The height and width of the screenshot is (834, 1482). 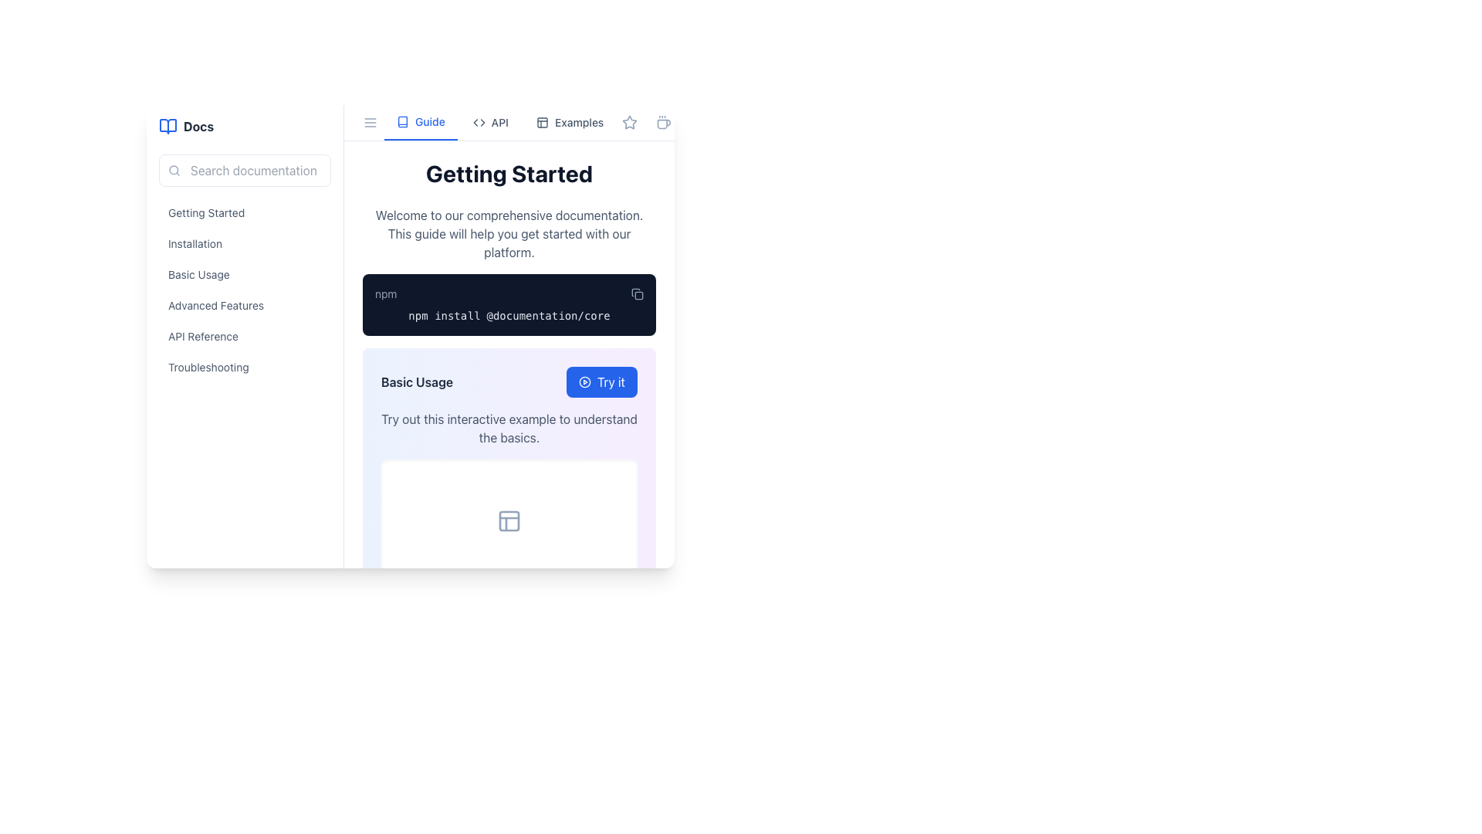 I want to click on the 'API Reference' button, which is the fifth item in the vertical menu list on the left side, so click(x=244, y=335).